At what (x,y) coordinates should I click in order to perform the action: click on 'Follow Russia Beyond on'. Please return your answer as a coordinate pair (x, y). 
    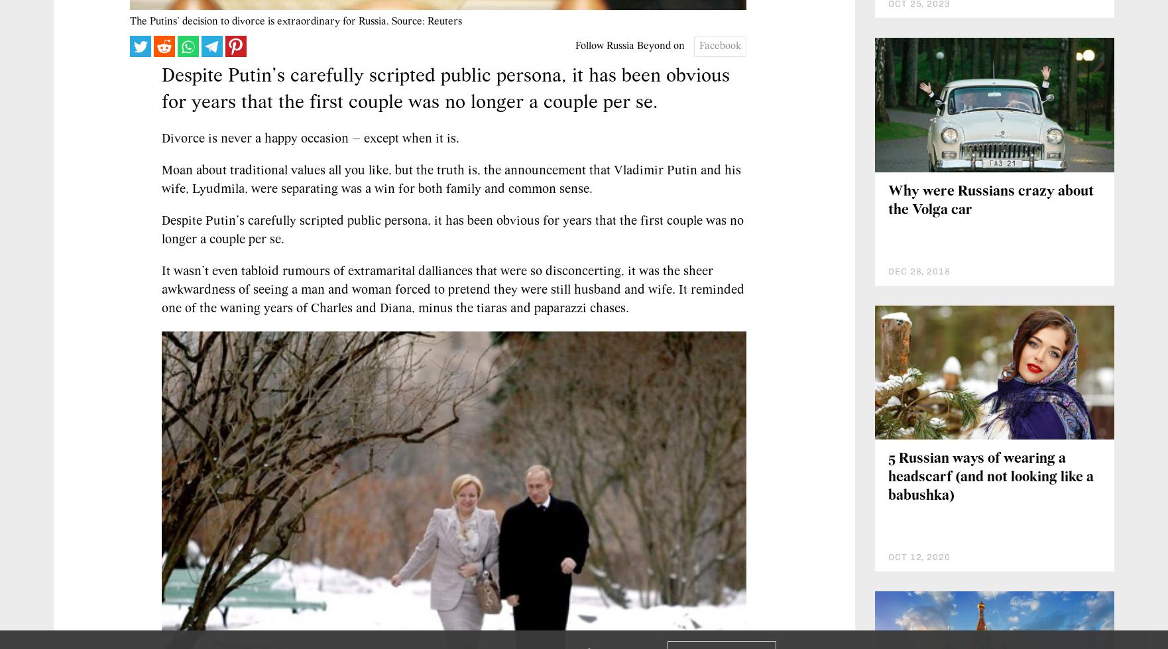
    Looking at the image, I should click on (631, 46).